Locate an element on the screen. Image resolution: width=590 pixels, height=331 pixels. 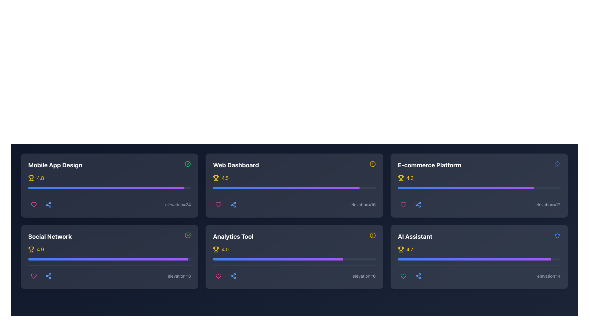
the heart icon located within the 'Analytics Tool' card is located at coordinates (218, 276).